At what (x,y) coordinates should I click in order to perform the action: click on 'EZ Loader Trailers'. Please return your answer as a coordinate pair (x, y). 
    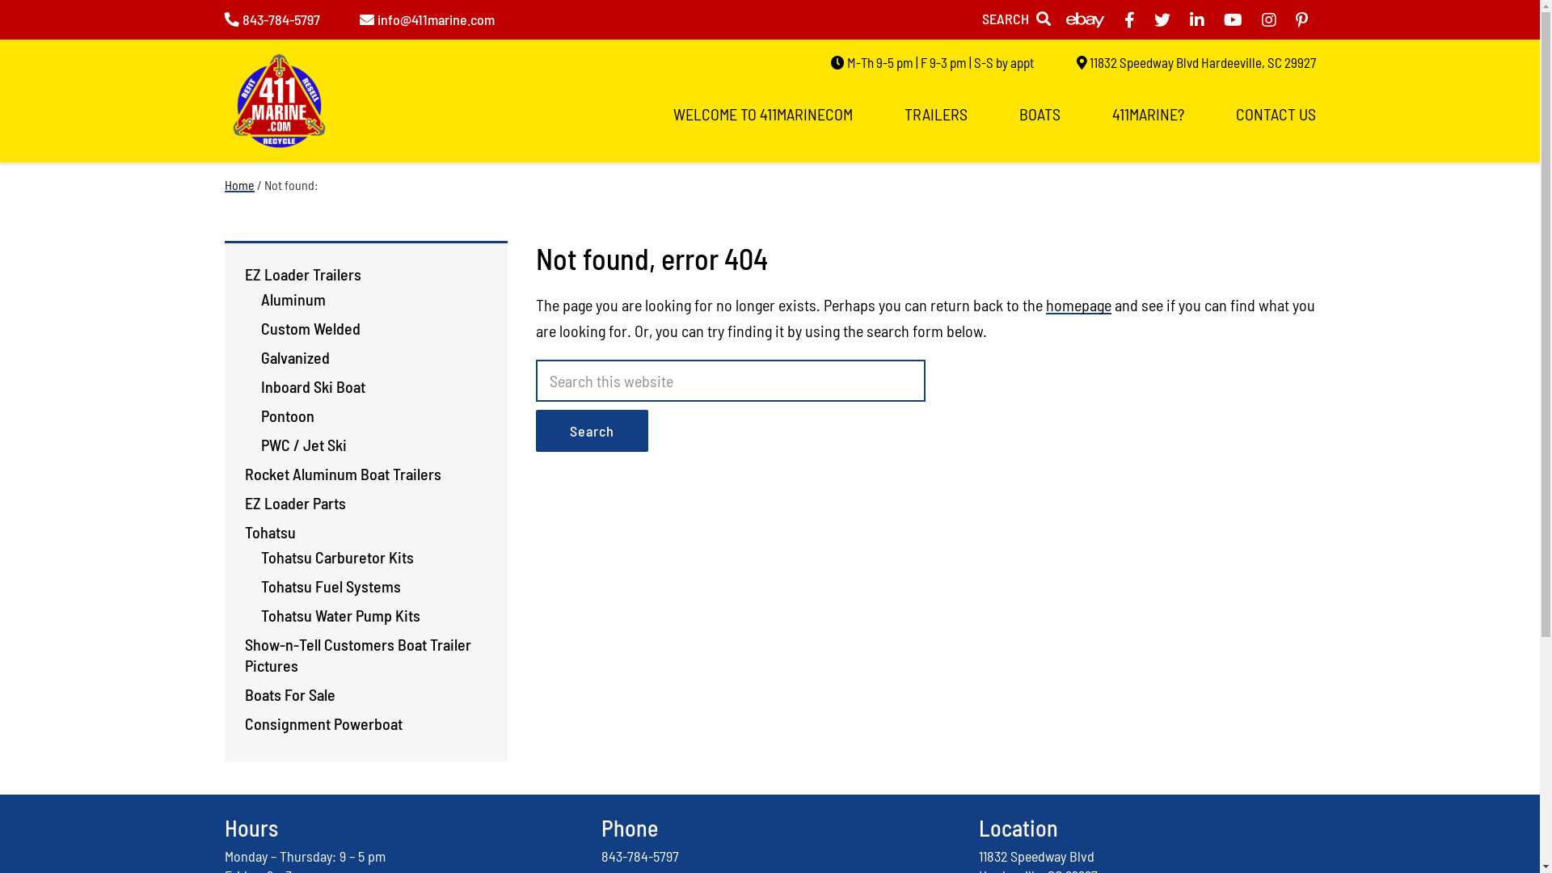
    Looking at the image, I should click on (302, 273).